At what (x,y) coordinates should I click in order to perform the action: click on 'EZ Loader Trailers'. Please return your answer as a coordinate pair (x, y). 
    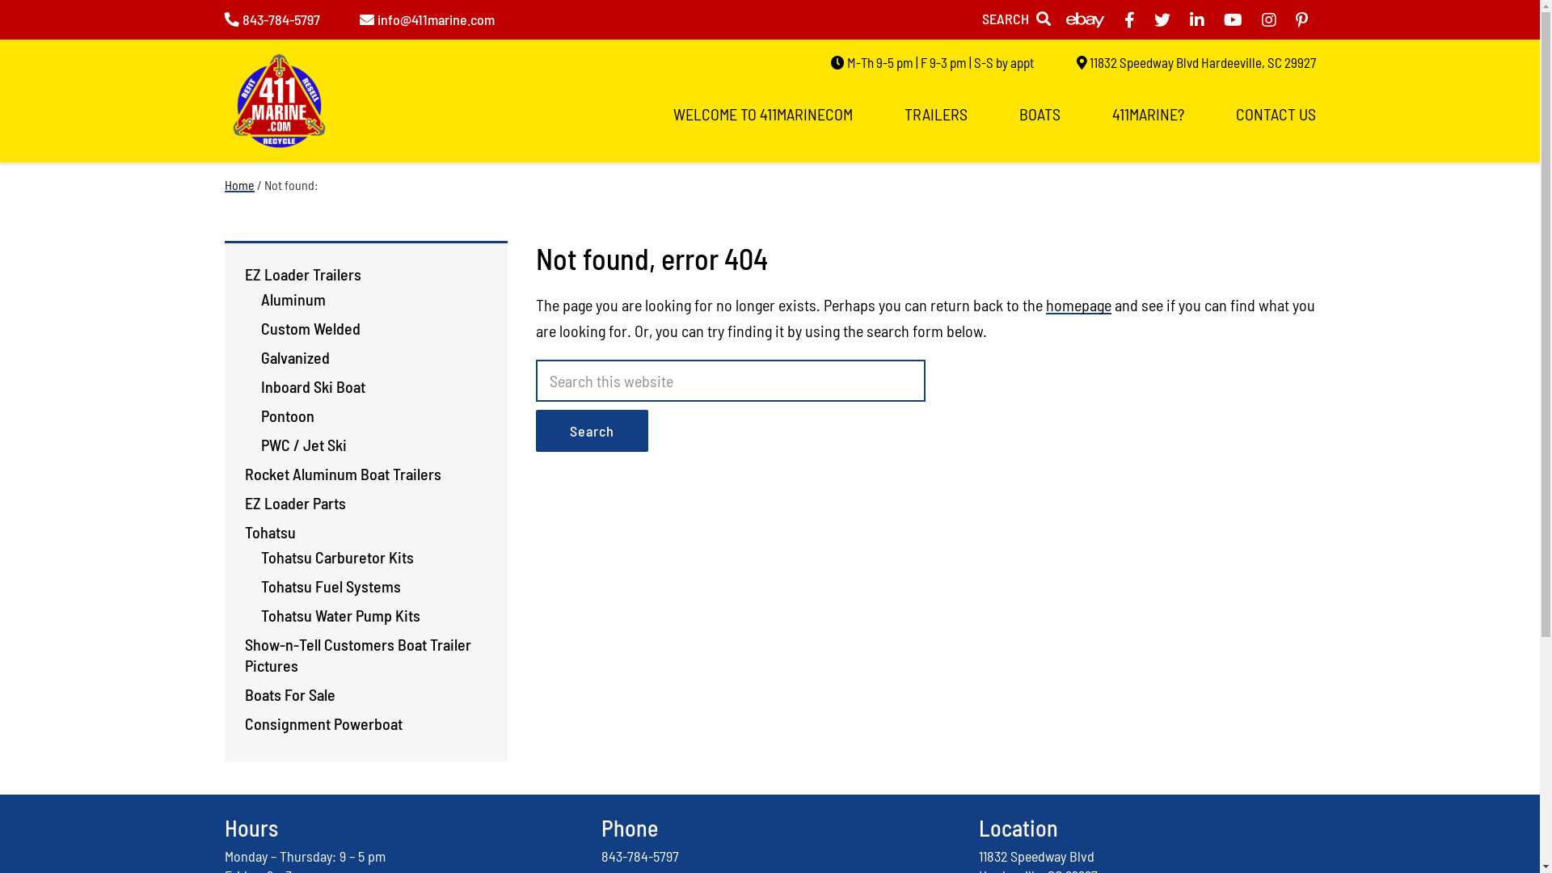
    Looking at the image, I should click on (302, 273).